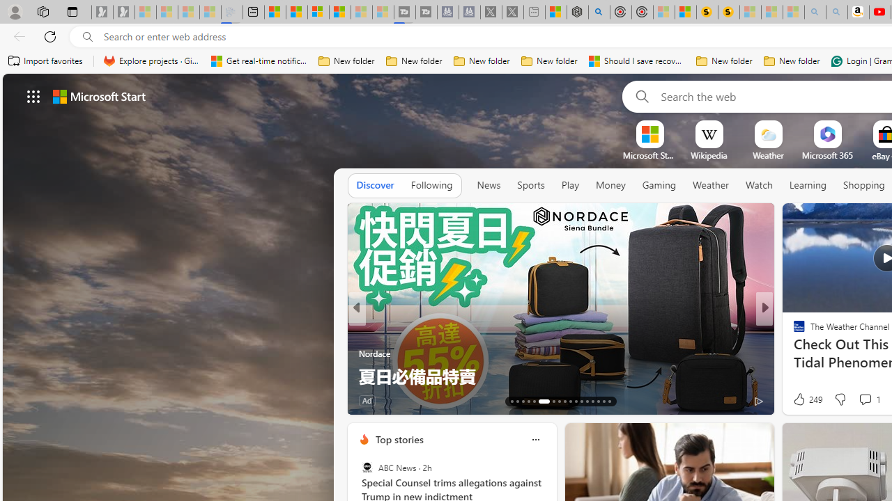  What do you see at coordinates (535, 440) in the screenshot?
I see `'Class: icon-img'` at bounding box center [535, 440].